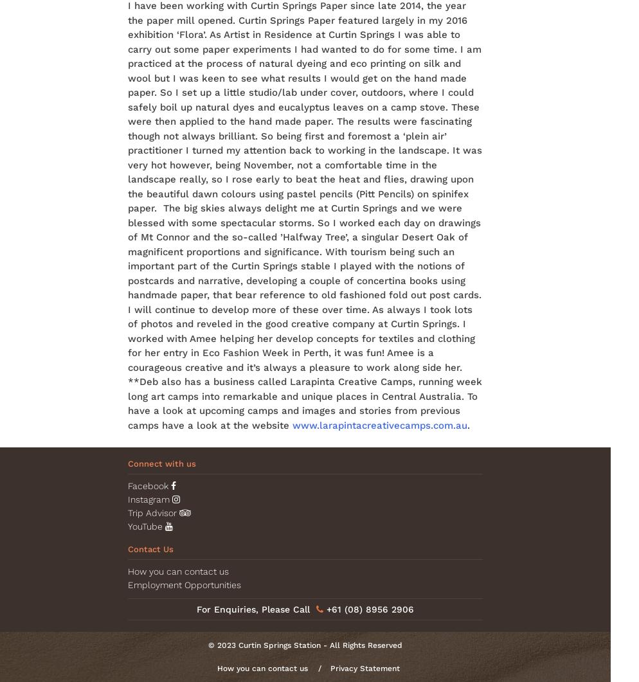  What do you see at coordinates (147, 526) in the screenshot?
I see `'YouTube'` at bounding box center [147, 526].